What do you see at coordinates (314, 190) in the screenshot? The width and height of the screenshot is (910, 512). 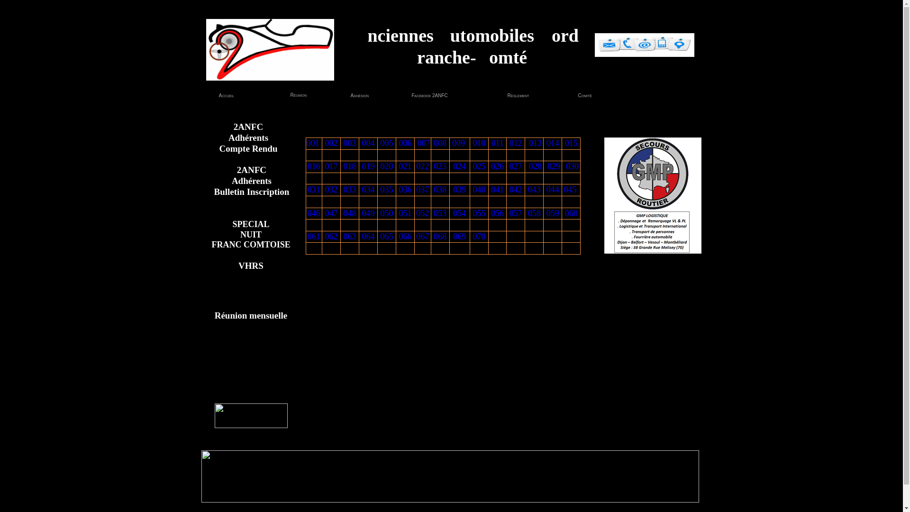 I see `'031'` at bounding box center [314, 190].